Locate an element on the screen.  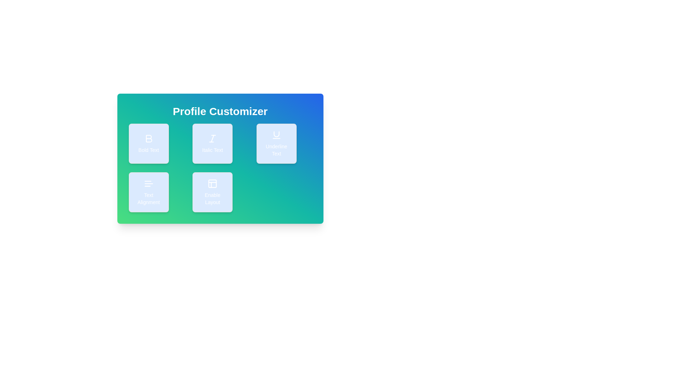
text displayed in the 'Profile Customizer' label located at the top-center of the panel is located at coordinates (220, 112).